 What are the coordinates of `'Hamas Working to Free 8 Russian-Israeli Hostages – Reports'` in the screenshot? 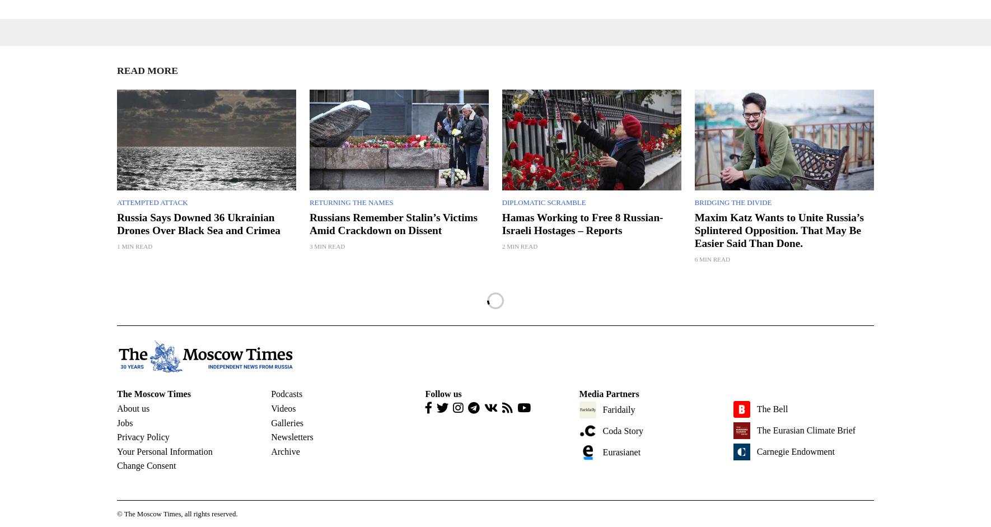 It's located at (501, 222).